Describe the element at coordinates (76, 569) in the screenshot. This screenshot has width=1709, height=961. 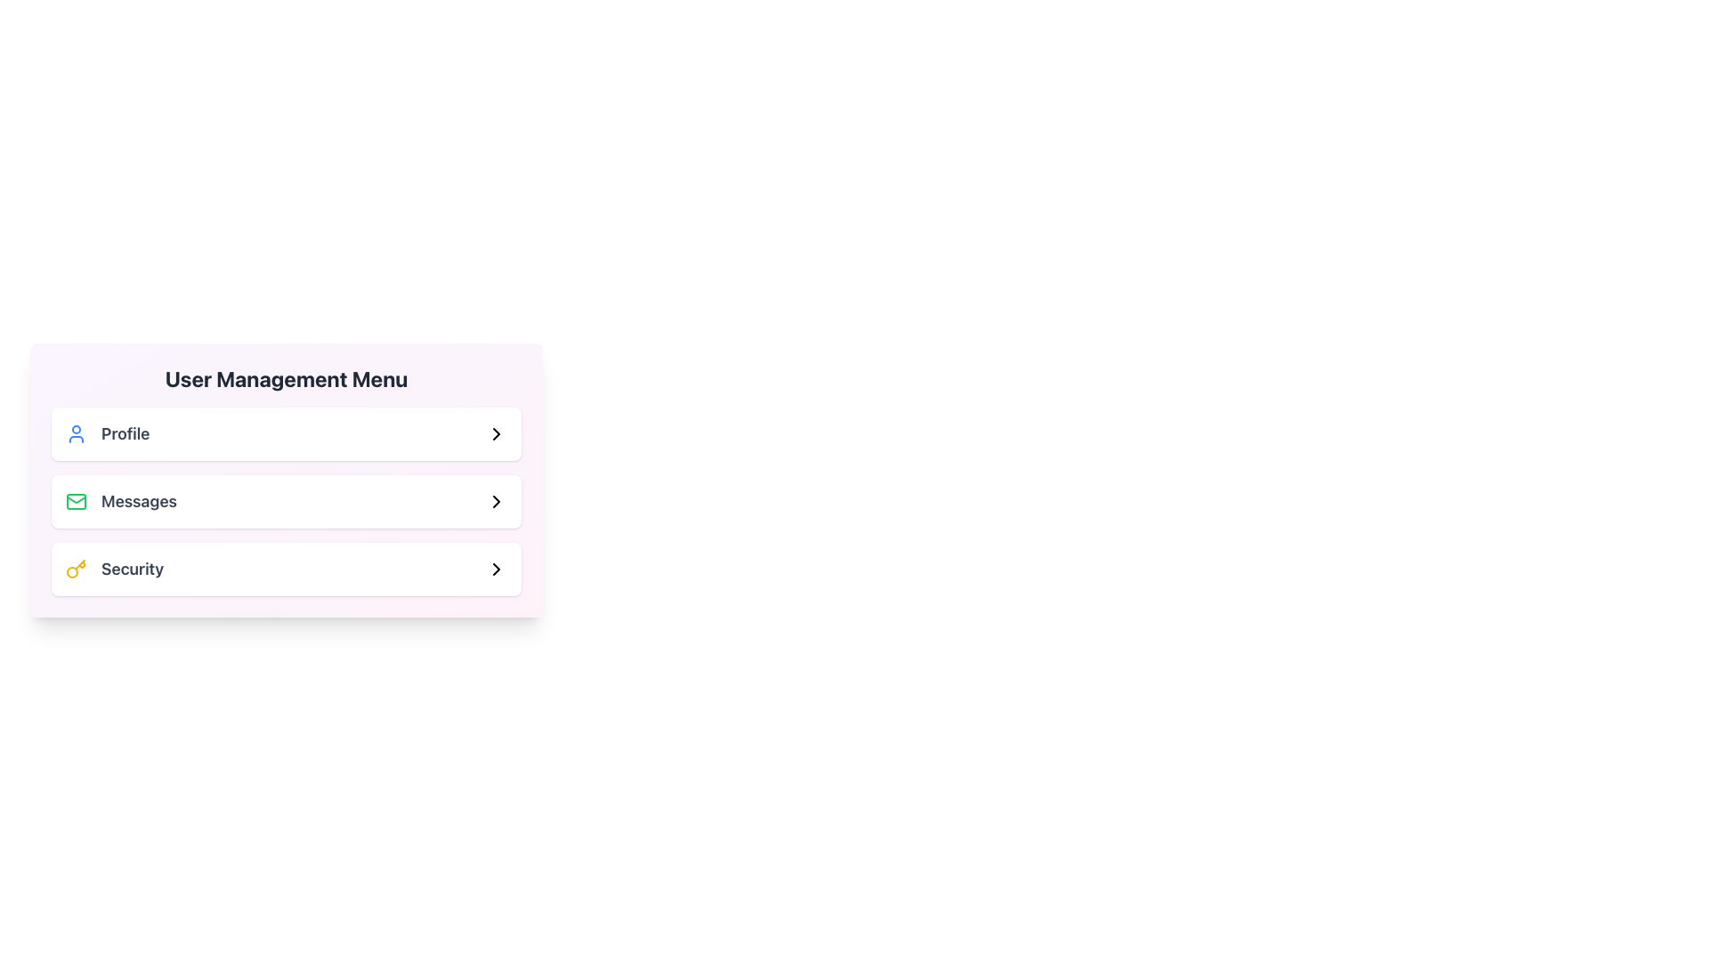
I see `the yellow key icon located to the left of the 'Security' text label in the user management menu` at that location.